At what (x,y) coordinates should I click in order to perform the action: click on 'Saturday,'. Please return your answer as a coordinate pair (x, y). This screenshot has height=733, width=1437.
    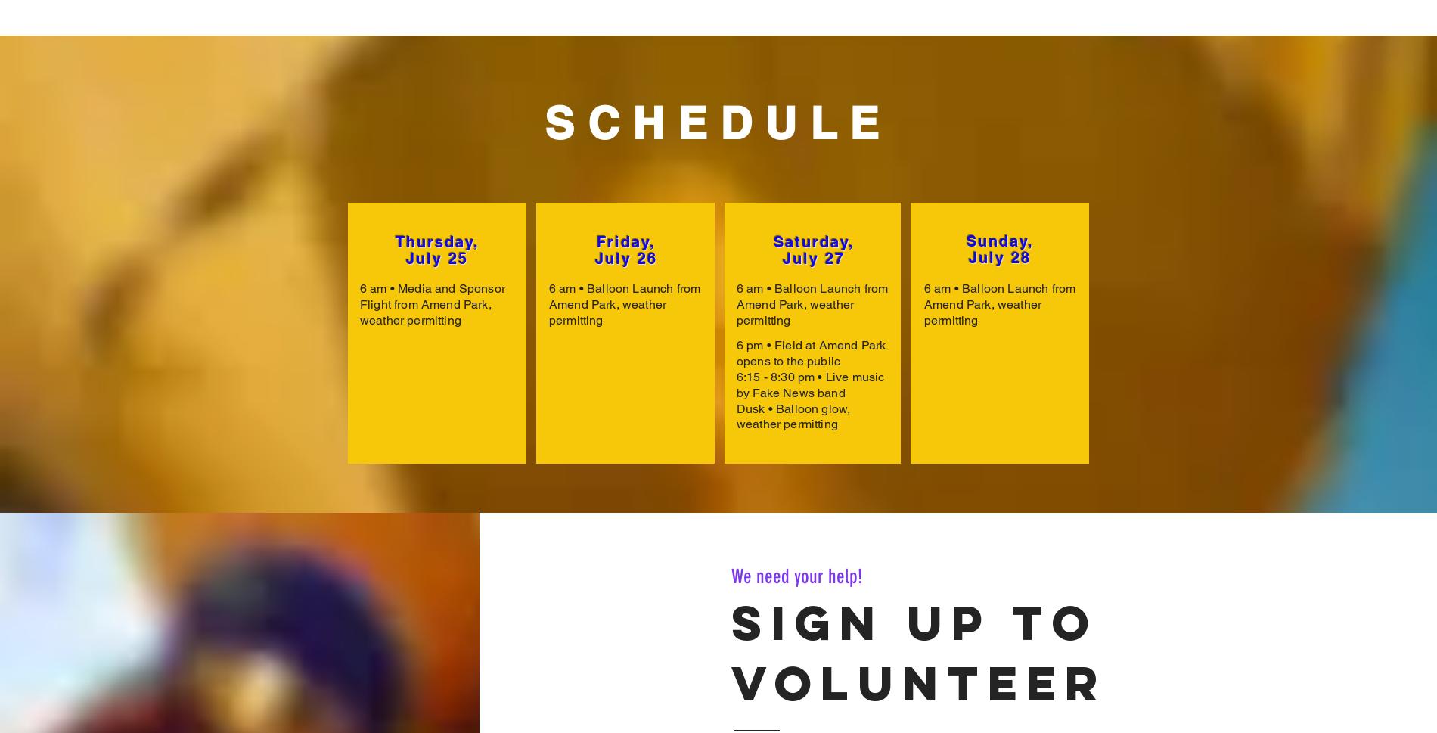
    Looking at the image, I should click on (813, 241).